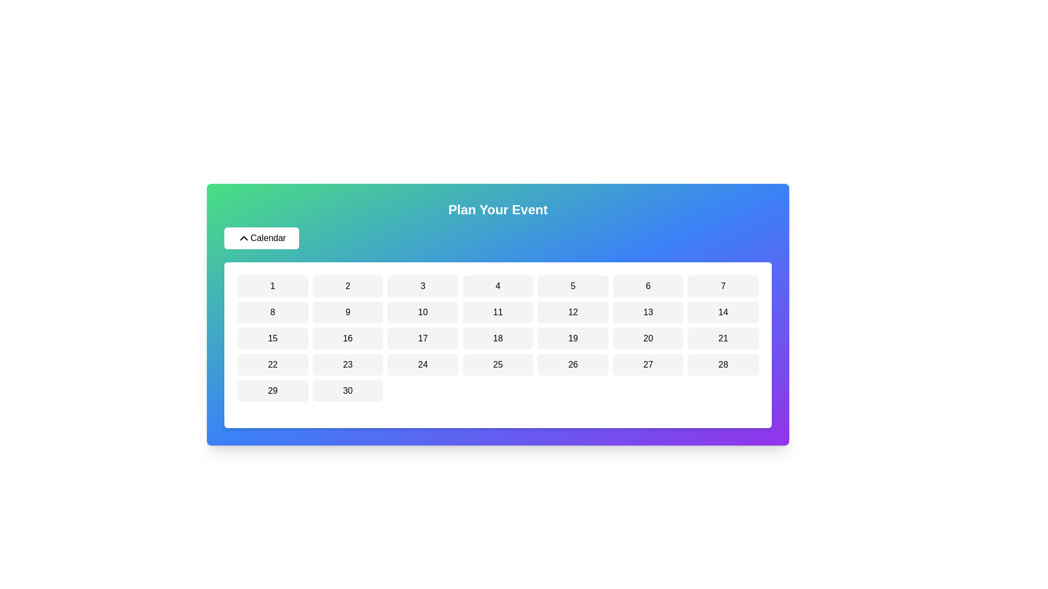 The image size is (1048, 589). I want to click on the rounded rectangular button displaying the number '23' in black text on a light gray background, so click(347, 364).